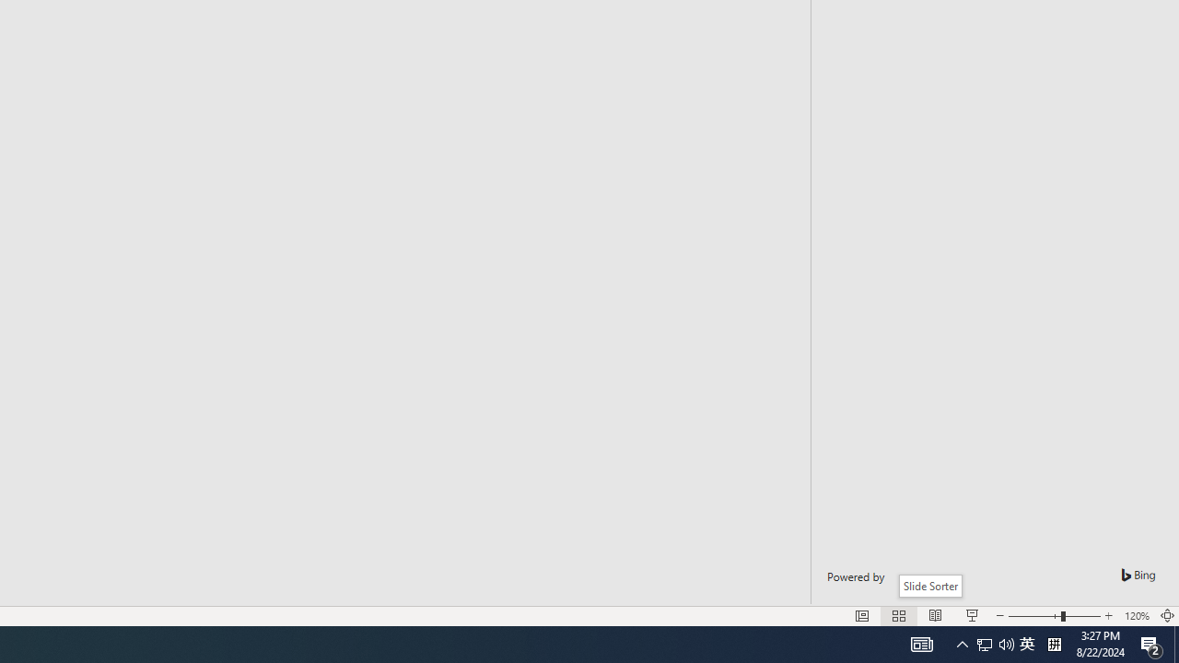  What do you see at coordinates (1108, 616) in the screenshot?
I see `'Zoom In'` at bounding box center [1108, 616].